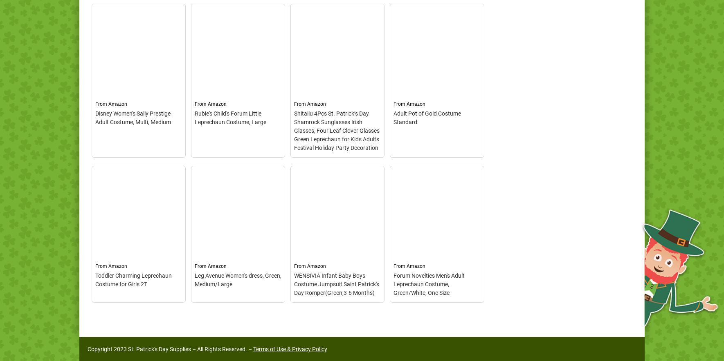  I want to click on '–    Color: Green, great shamrock costume clover sunglasses for a party or event where a leprechaun costume is desired; Package includes: You will receive 4 pairs of...', so click(336, 256).